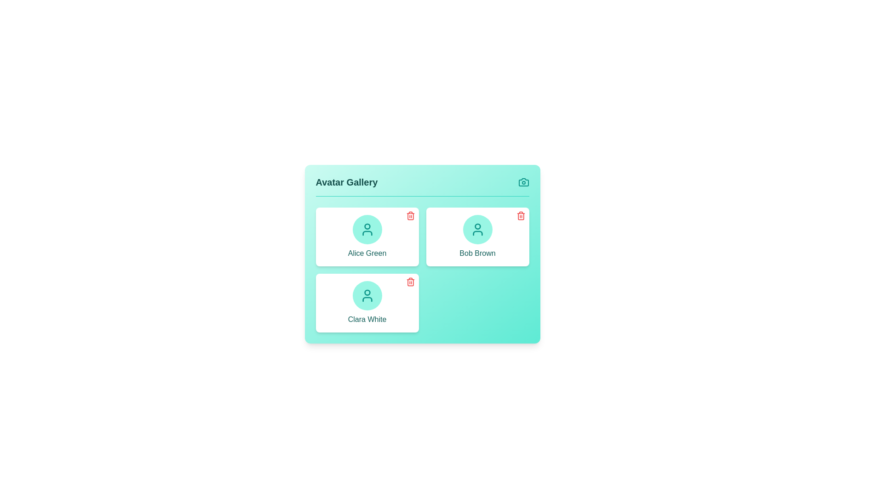  What do you see at coordinates (477, 253) in the screenshot?
I see `text label element displaying 'Bob Brown', which is centrally aligned within the rightmost card of the second row in the Avatar Gallery interface` at bounding box center [477, 253].